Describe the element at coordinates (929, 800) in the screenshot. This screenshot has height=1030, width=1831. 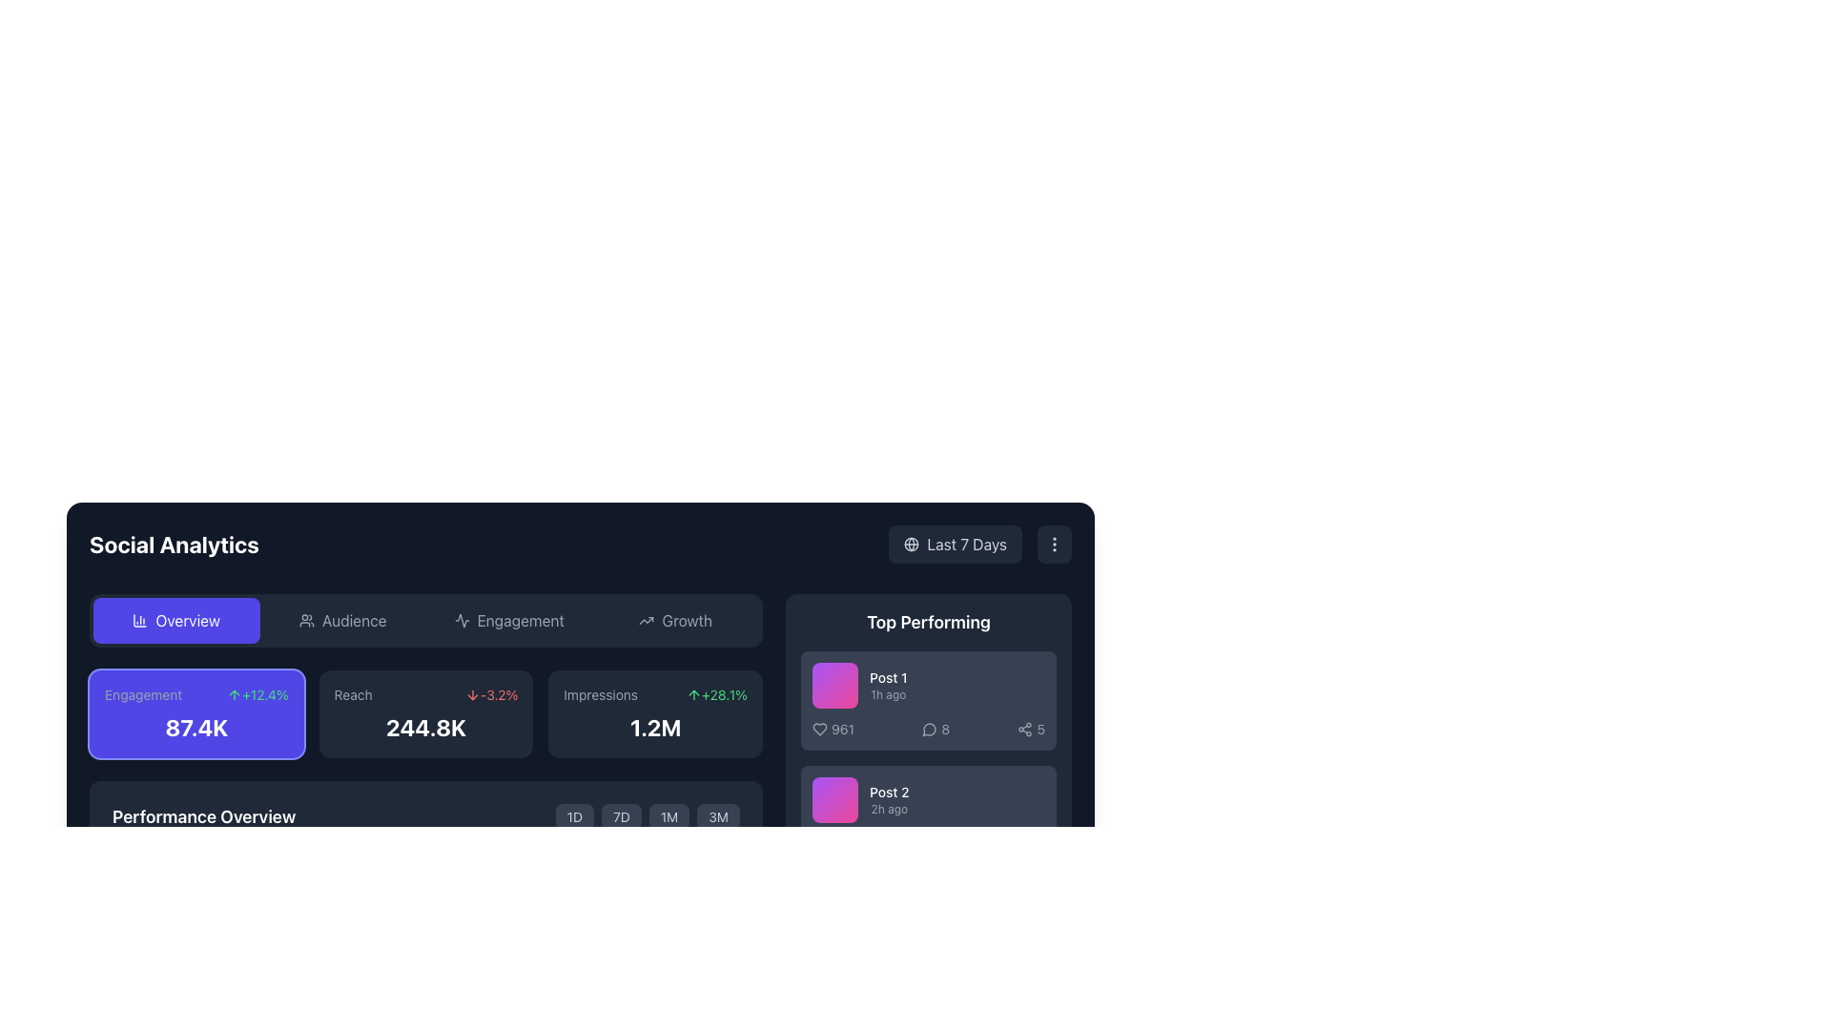
I see `the Information block that displays 'Post 2' and '2h ago', which is the second entry in the 'Top Performing' section` at that location.